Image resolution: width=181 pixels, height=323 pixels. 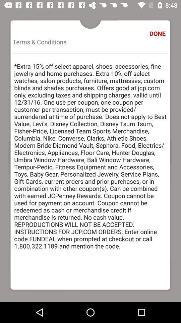 I want to click on the done icon, so click(x=158, y=33).